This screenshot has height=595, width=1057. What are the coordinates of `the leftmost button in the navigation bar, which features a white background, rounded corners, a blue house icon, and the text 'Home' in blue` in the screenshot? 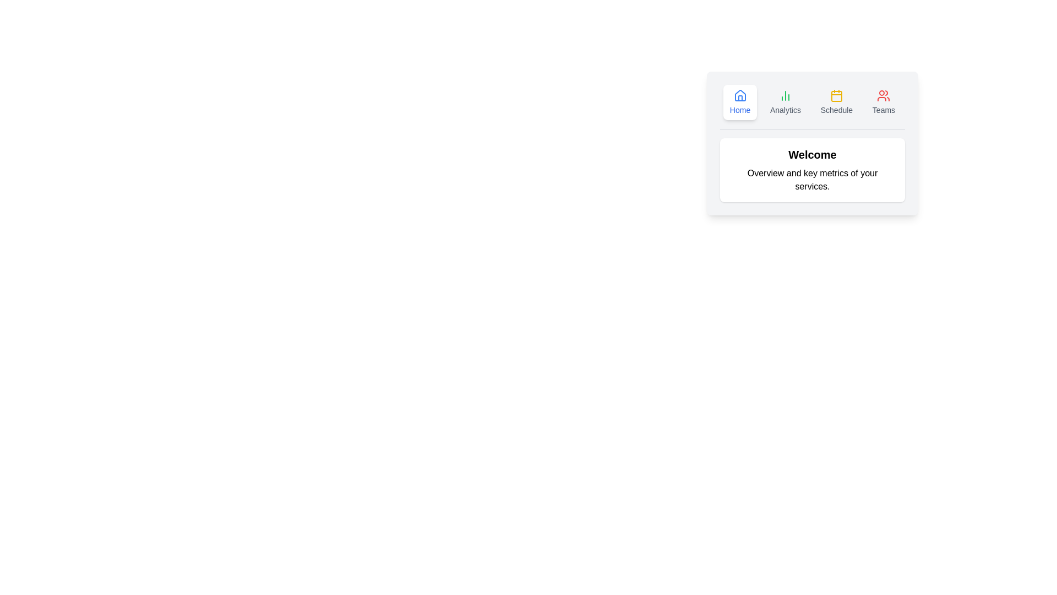 It's located at (740, 102).